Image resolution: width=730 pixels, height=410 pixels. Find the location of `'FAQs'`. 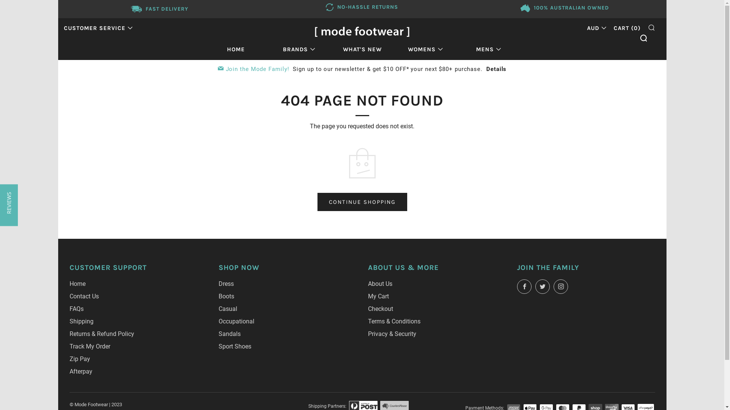

'FAQs' is located at coordinates (76, 309).